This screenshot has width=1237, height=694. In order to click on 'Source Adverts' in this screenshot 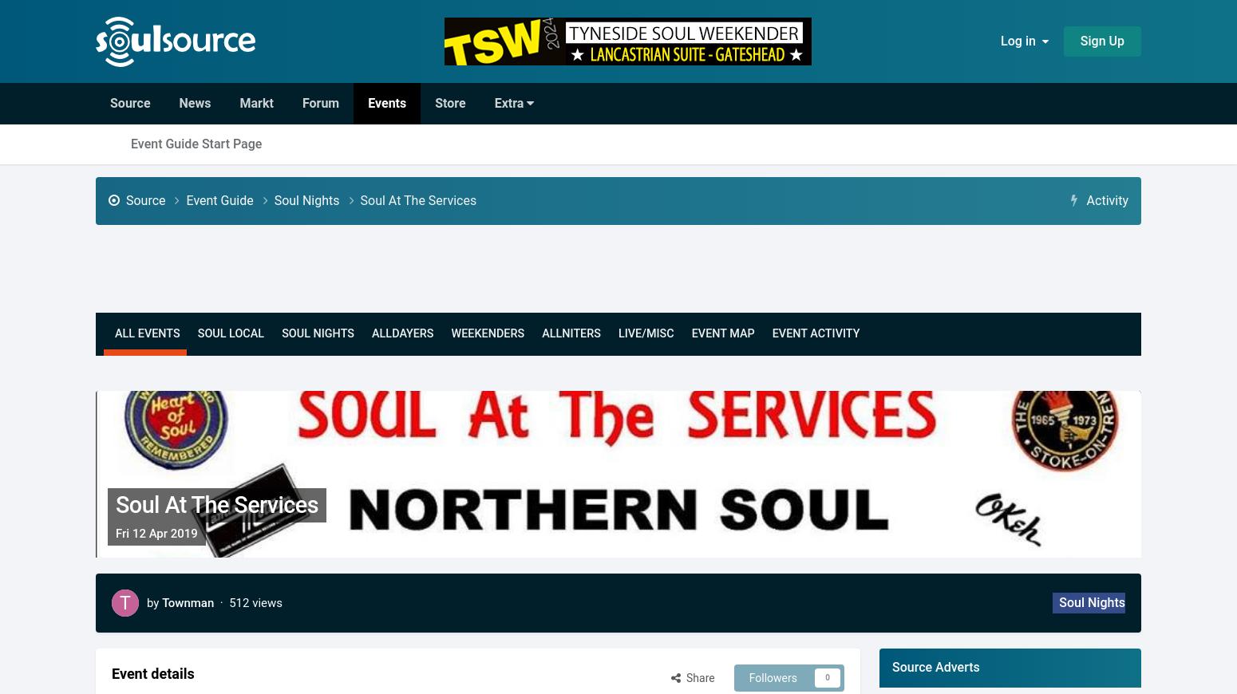, I will do `click(935, 666)`.